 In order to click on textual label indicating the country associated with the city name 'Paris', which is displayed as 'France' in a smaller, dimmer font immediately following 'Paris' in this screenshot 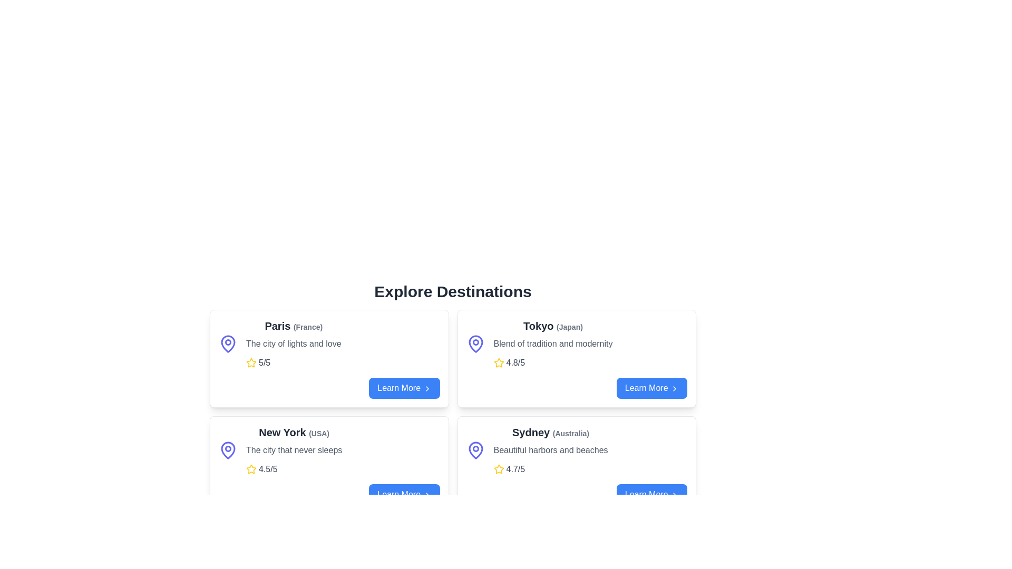, I will do `click(307, 327)`.